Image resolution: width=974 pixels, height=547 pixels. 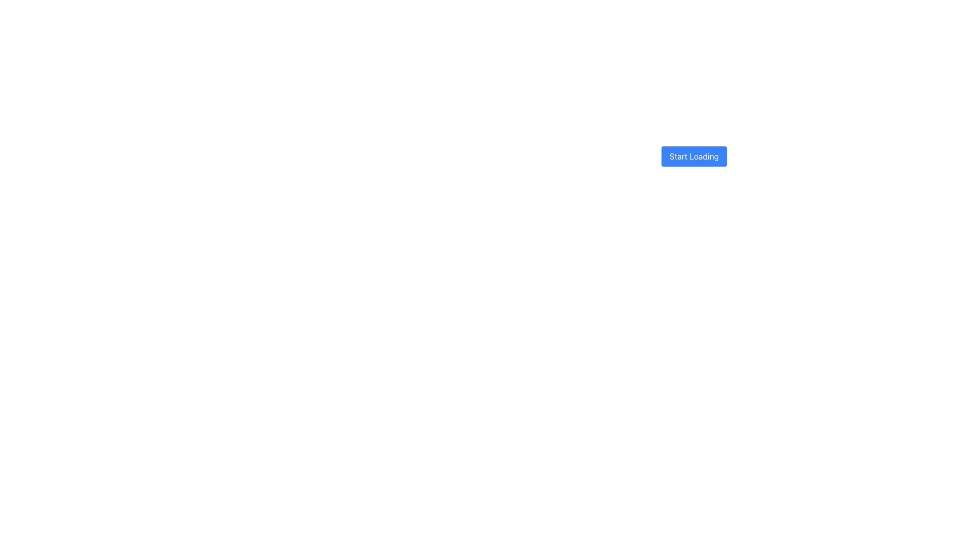 I want to click on the central button located within the white fixed-position box, so click(x=693, y=152).